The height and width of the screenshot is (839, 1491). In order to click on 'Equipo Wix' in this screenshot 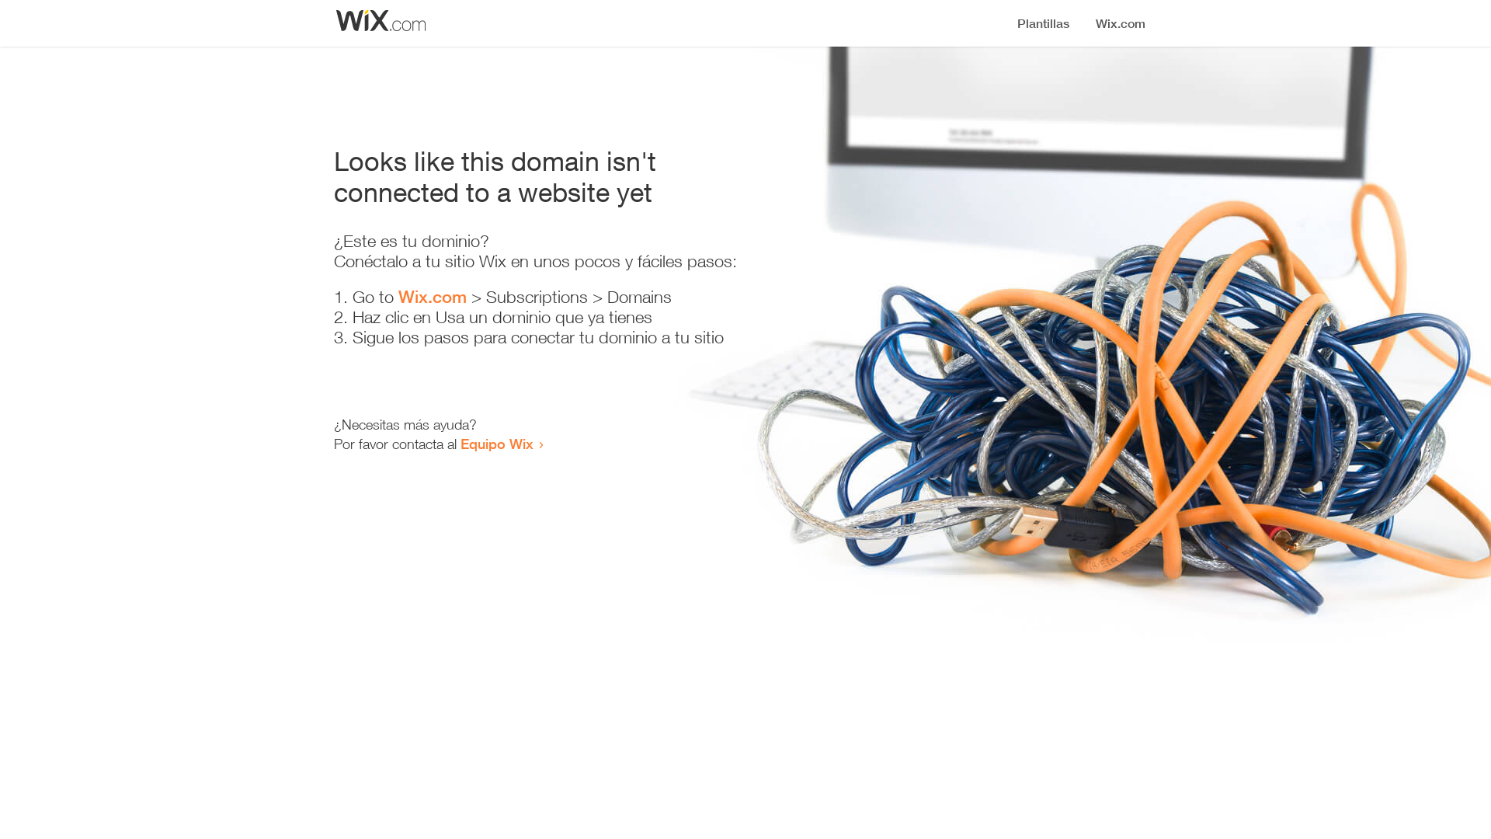, I will do `click(495, 443)`.